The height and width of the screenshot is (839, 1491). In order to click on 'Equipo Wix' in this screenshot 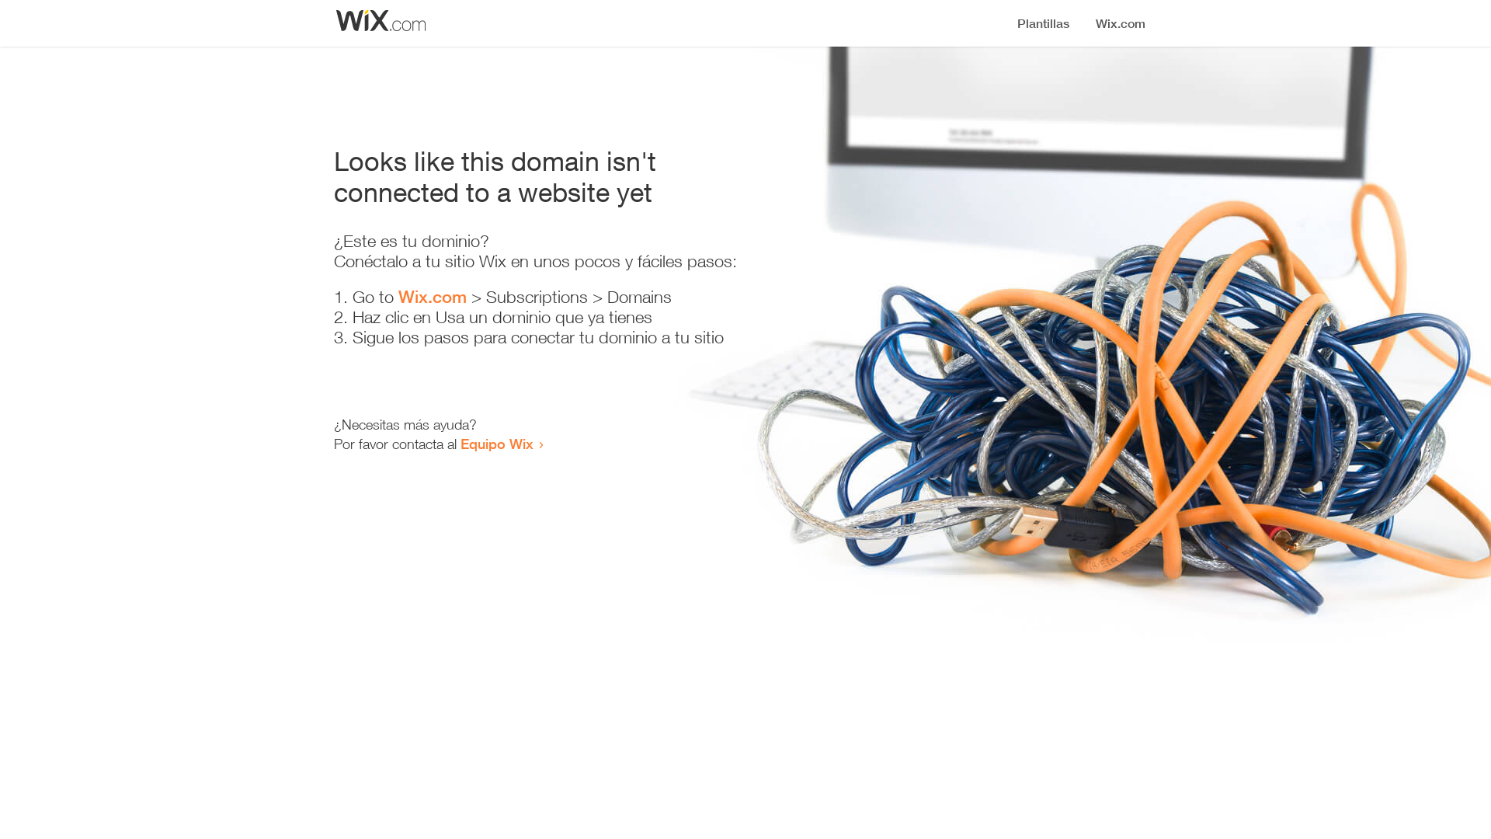, I will do `click(495, 443)`.